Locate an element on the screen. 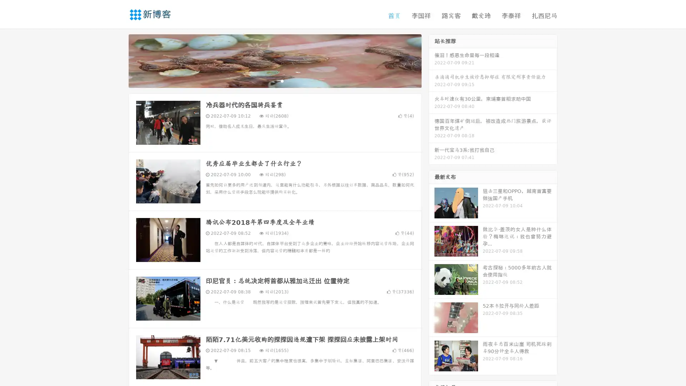  Go to slide 1 is located at coordinates (267, 80).